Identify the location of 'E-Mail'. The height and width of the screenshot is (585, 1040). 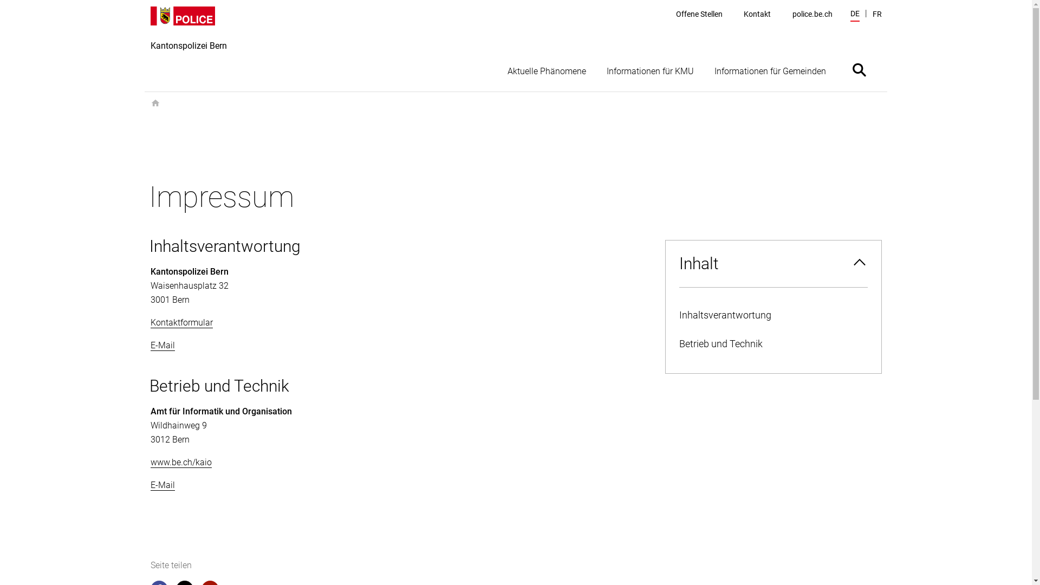
(162, 345).